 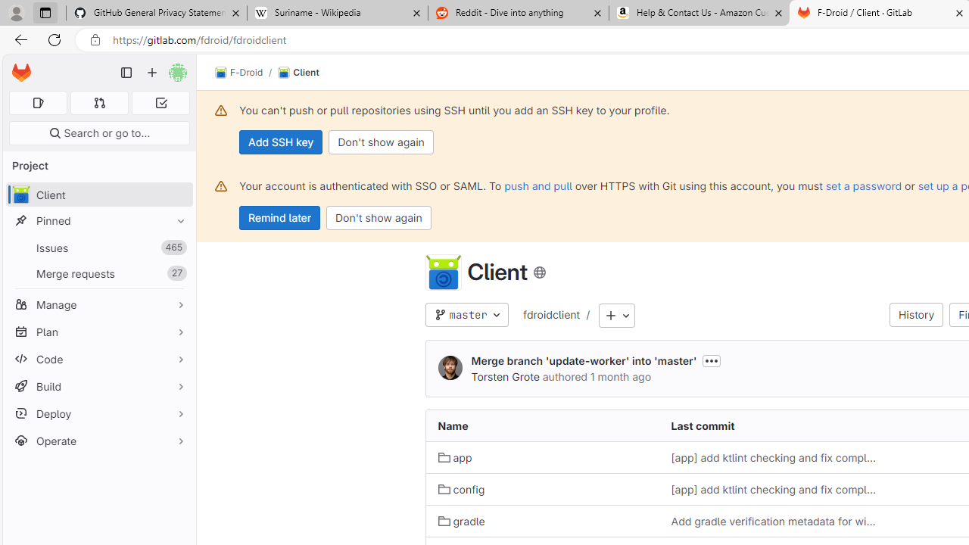 I want to click on 'Remind later', so click(x=279, y=218).